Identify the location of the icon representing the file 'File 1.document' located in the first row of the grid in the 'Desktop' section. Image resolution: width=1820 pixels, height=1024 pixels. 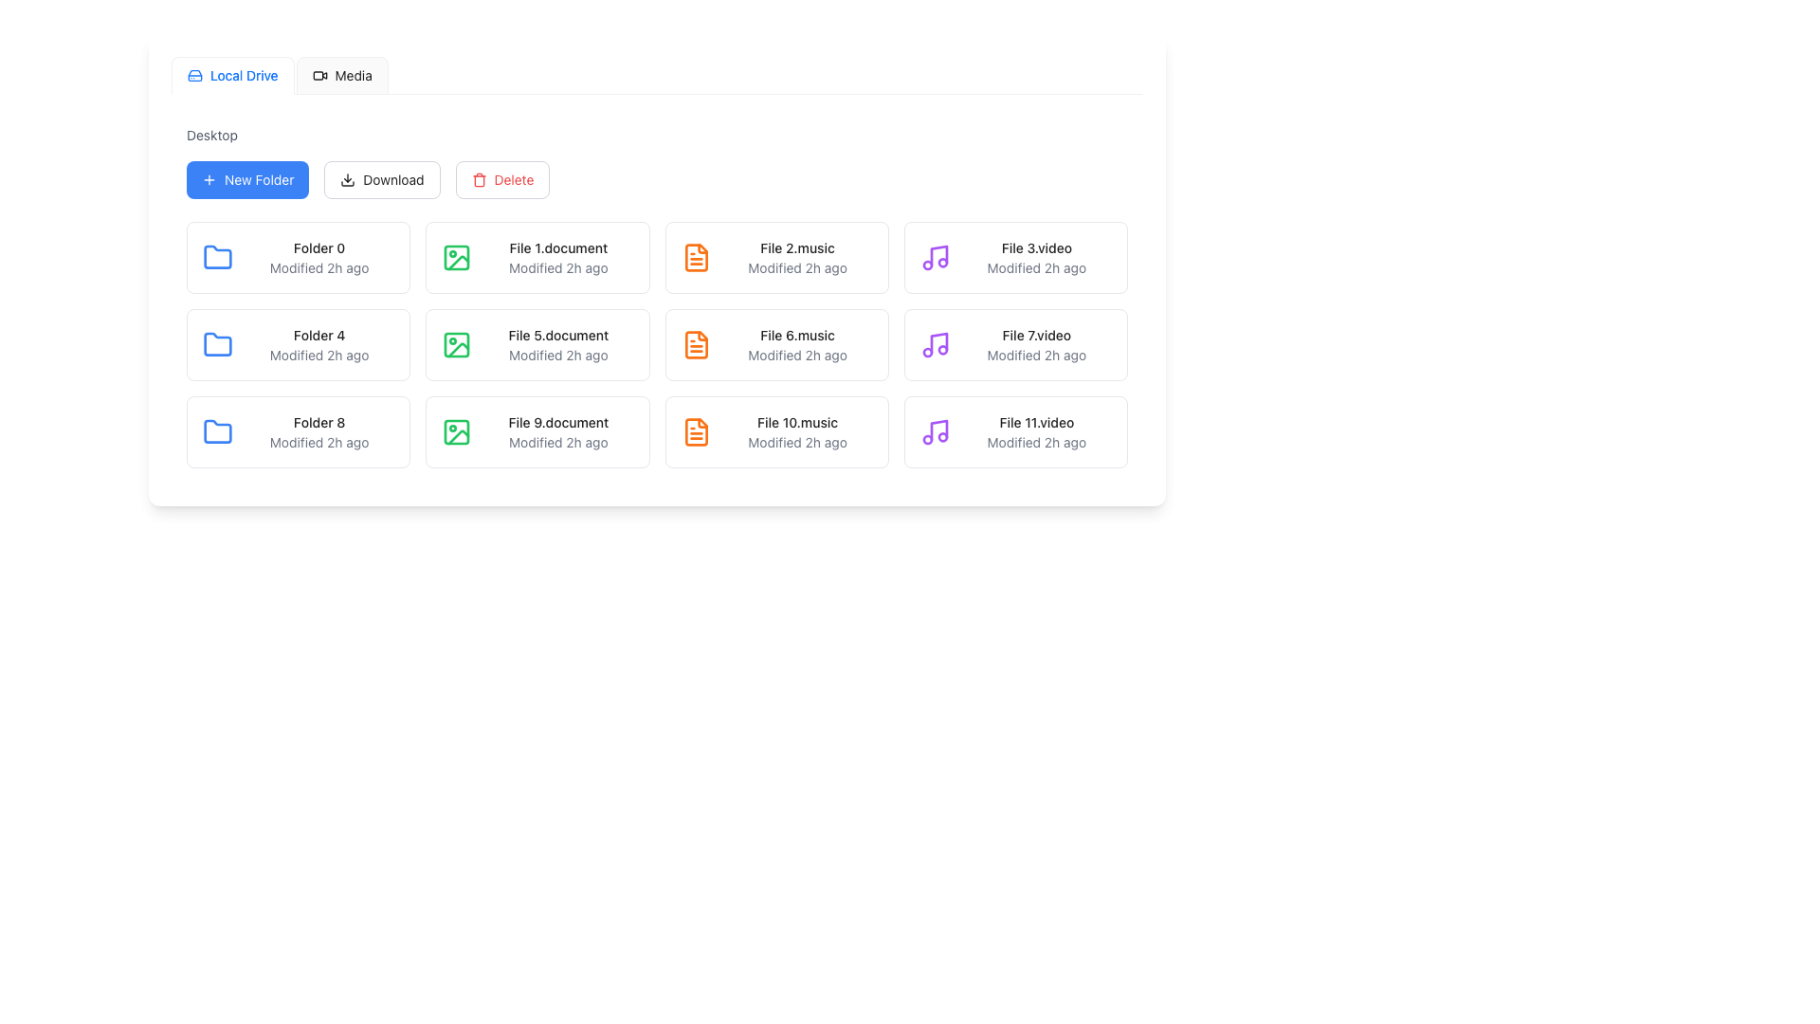
(457, 258).